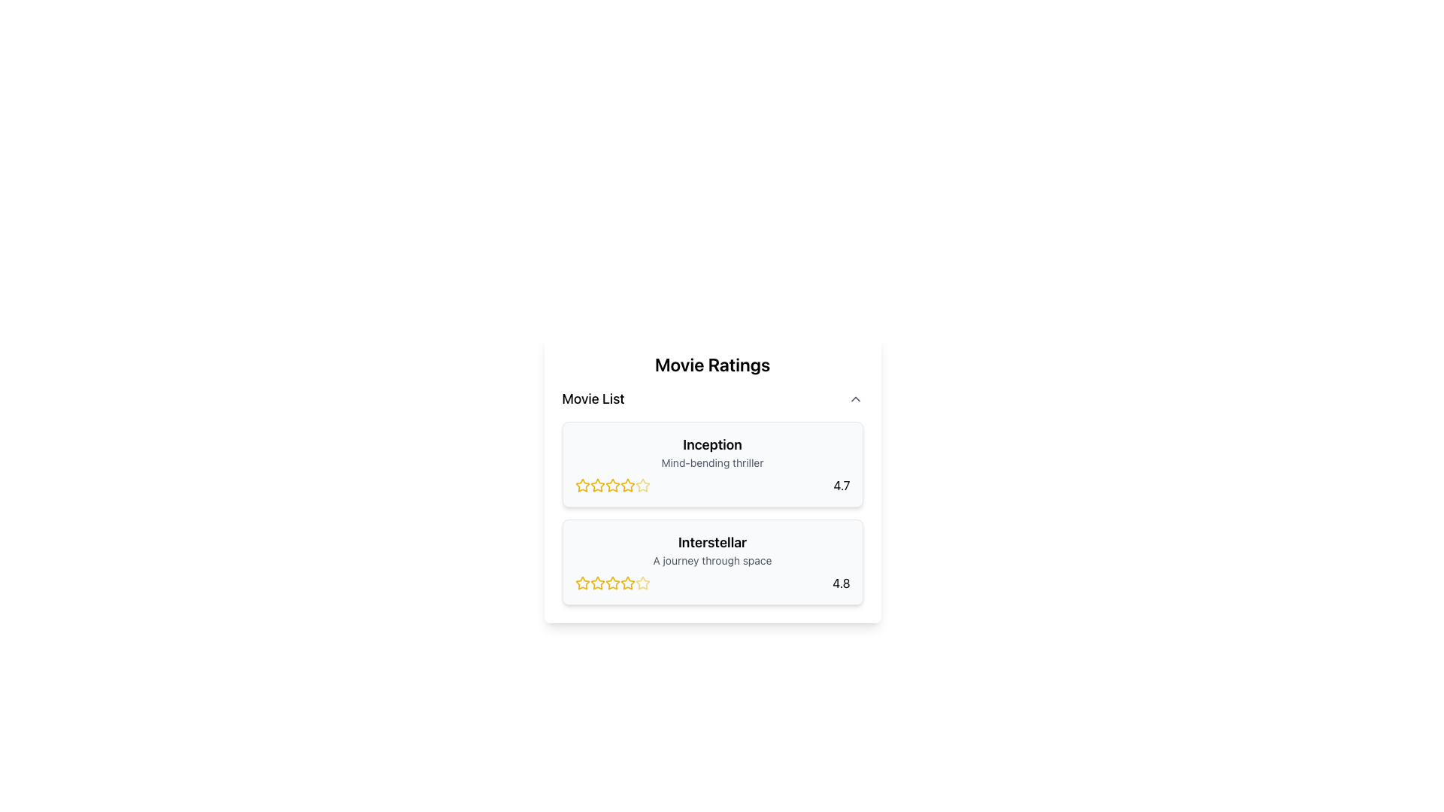  What do you see at coordinates (596, 485) in the screenshot?
I see `the first star icon for the movie 'Inception'` at bounding box center [596, 485].